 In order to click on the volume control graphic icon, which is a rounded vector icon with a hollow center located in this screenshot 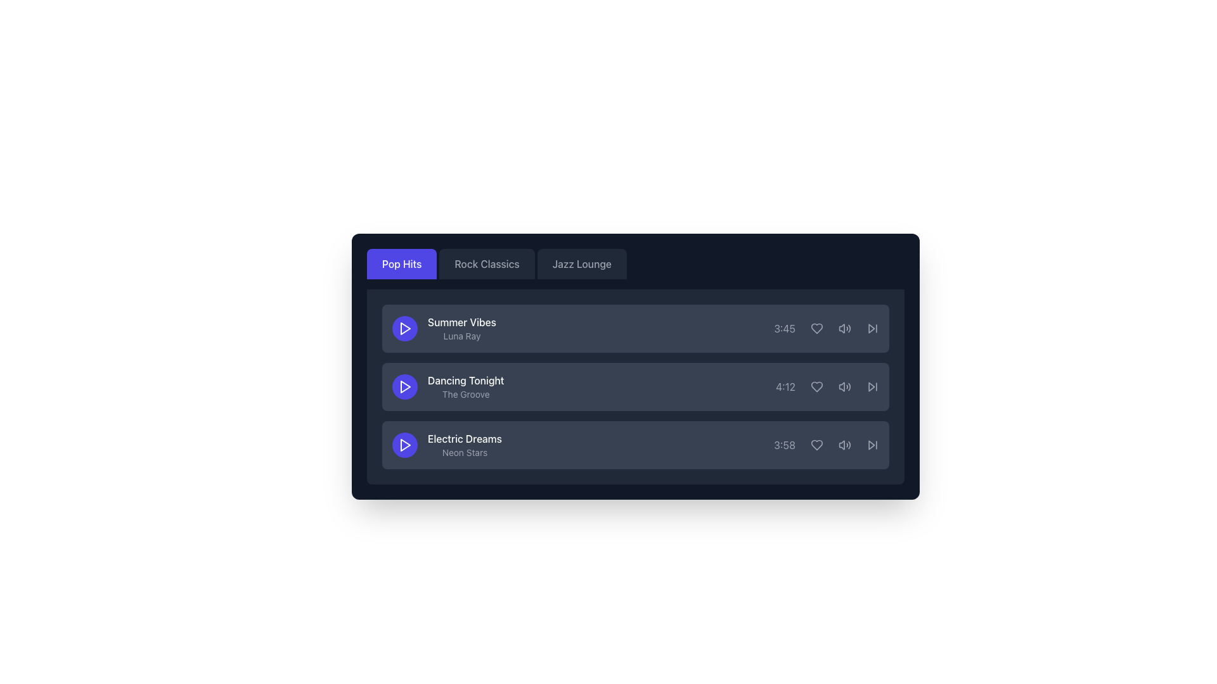, I will do `click(842, 328)`.